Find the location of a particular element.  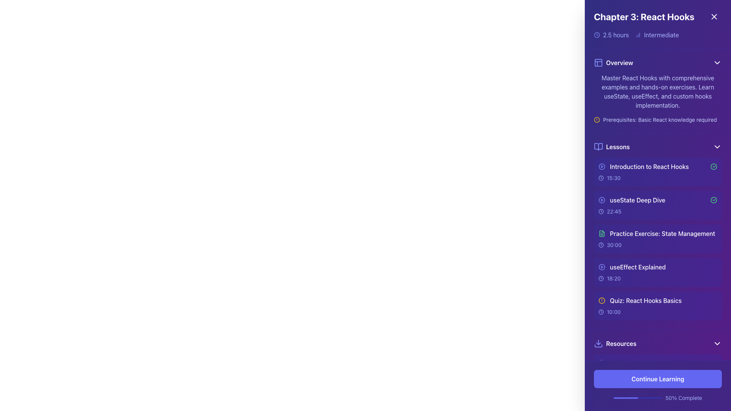

the 'Chevron Down' icon located to the right of the 'Resources' label is located at coordinates (717, 343).